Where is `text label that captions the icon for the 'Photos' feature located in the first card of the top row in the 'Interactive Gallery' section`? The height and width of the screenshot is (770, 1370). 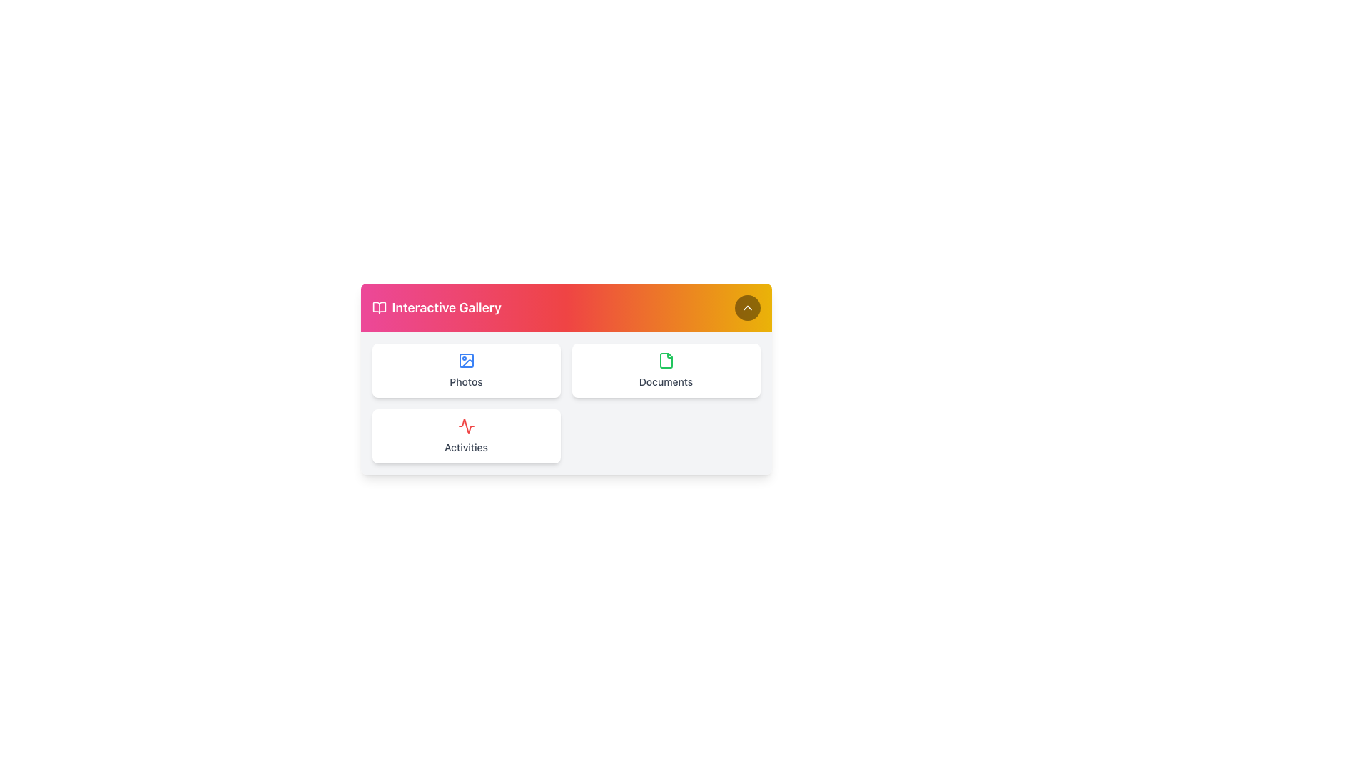 text label that captions the icon for the 'Photos' feature located in the first card of the top row in the 'Interactive Gallery' section is located at coordinates (466, 381).